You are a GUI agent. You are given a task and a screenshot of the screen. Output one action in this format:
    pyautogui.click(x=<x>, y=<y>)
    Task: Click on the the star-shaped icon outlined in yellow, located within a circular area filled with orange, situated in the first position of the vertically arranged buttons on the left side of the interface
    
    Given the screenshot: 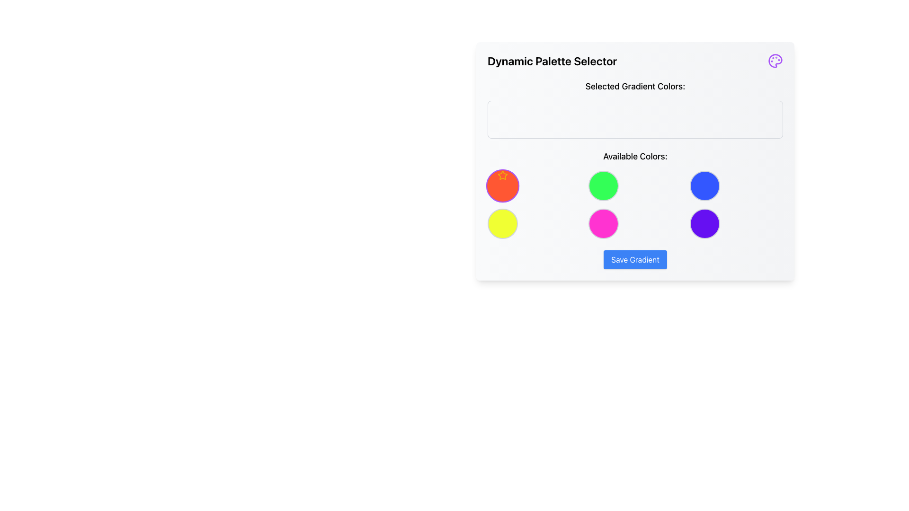 What is the action you would take?
    pyautogui.click(x=502, y=175)
    